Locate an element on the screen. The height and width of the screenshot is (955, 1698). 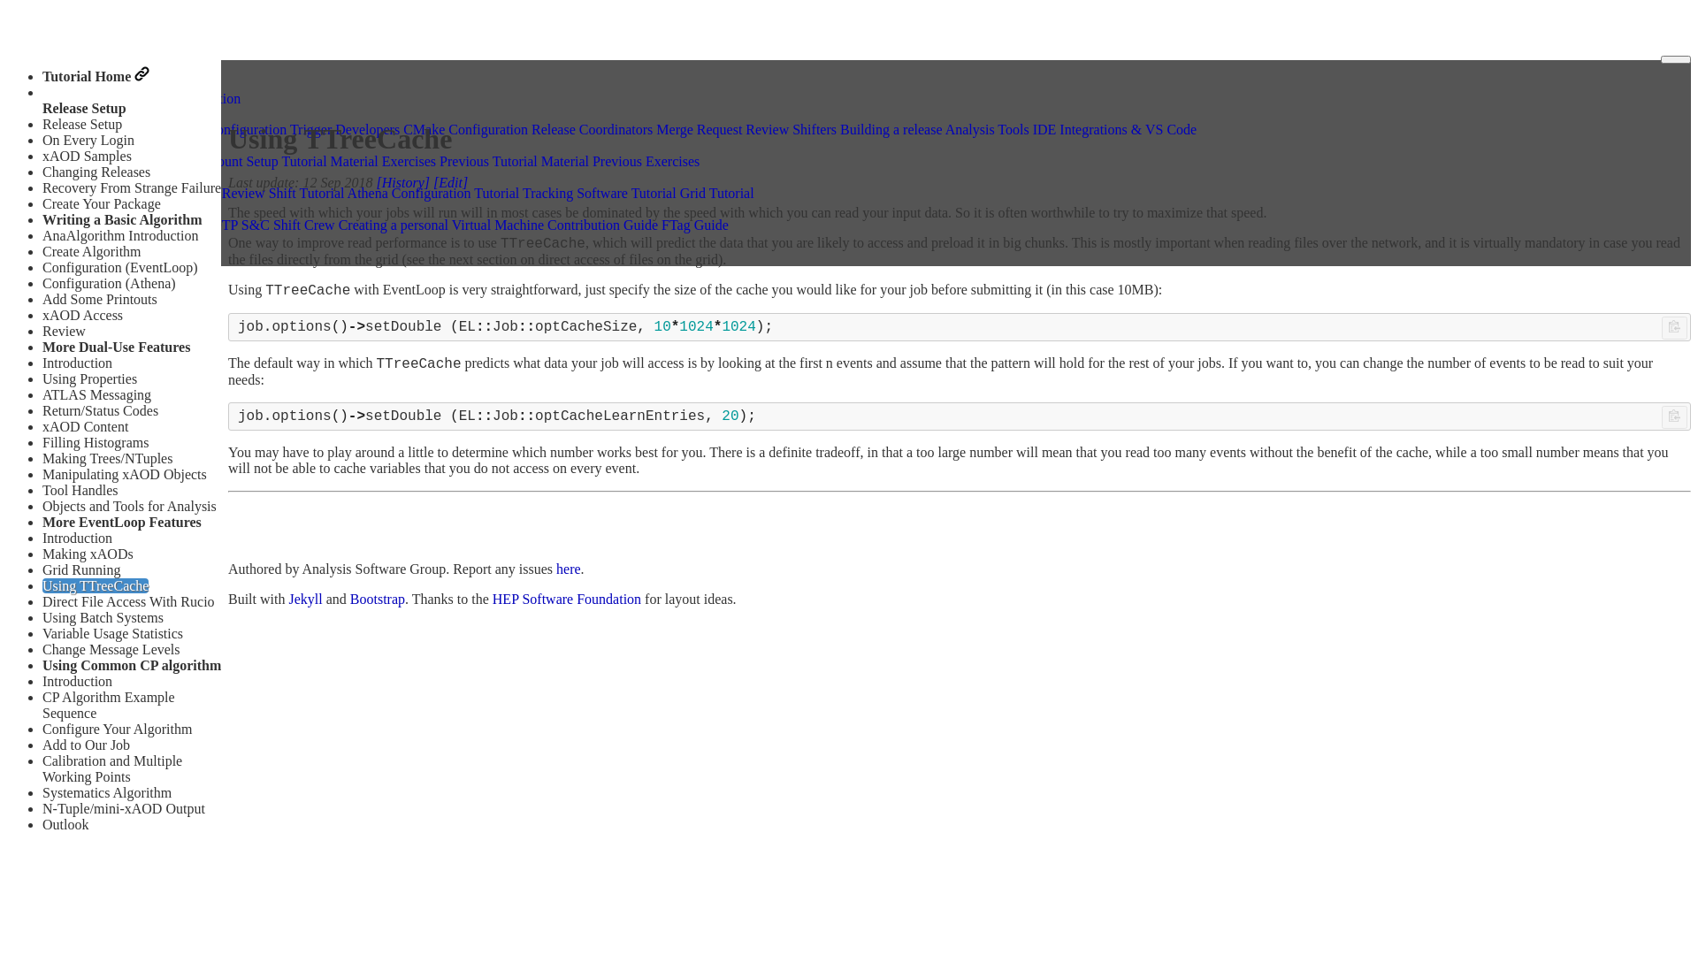
'Computing Twiki [Internal]' is located at coordinates (128, 224).